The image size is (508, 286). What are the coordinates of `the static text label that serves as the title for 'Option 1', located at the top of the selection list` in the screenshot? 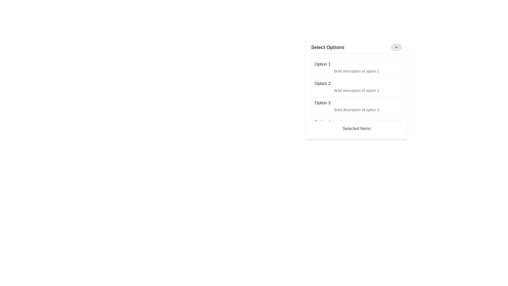 It's located at (322, 64).